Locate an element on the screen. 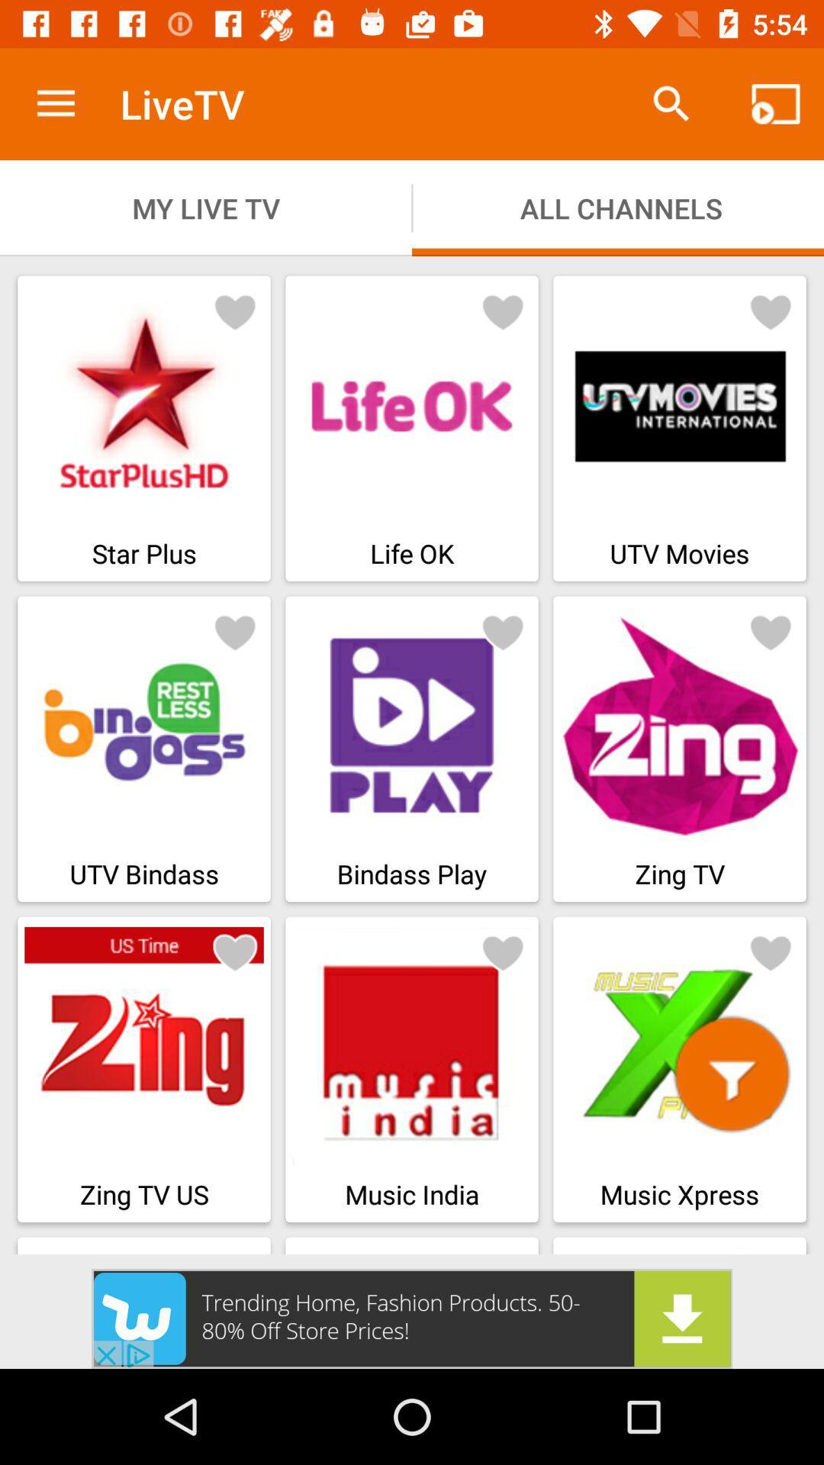 Image resolution: width=824 pixels, height=1465 pixels. music india is located at coordinates (412, 1068).